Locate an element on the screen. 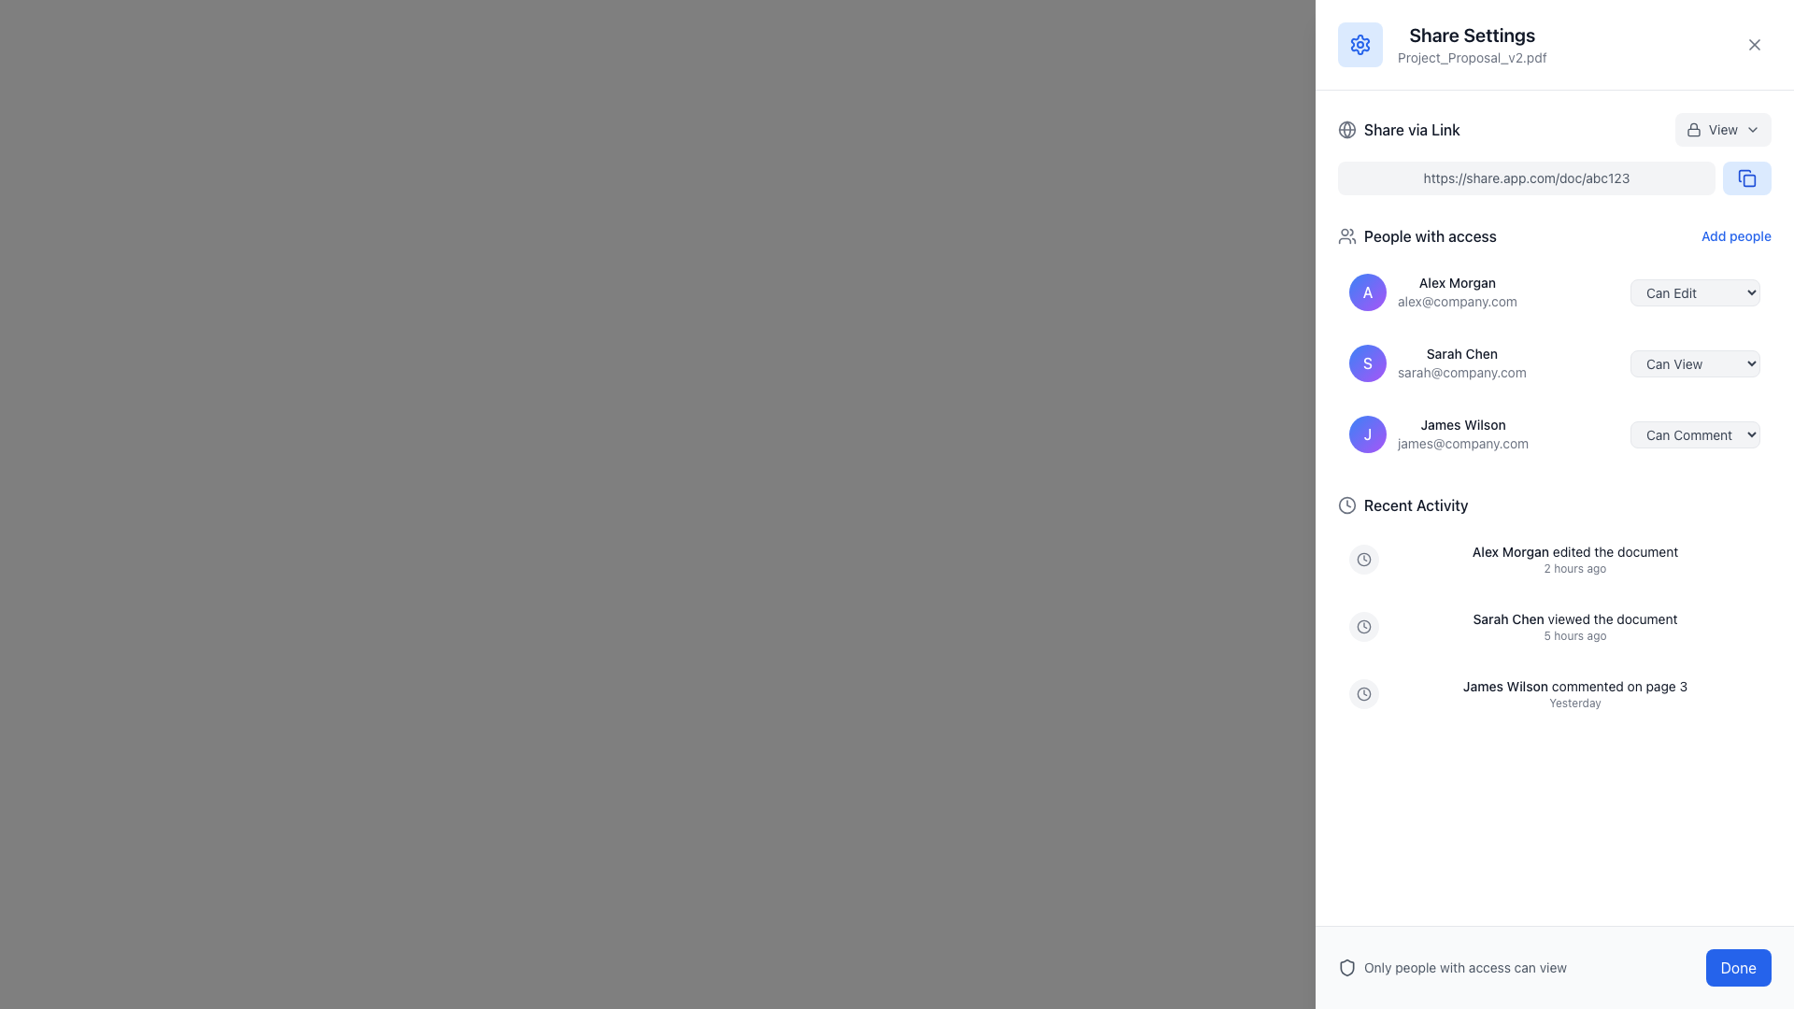 This screenshot has width=1794, height=1009. text label 'Only people with access can view,' located in the horizontal layout at the bottom-right corner of the interface is located at coordinates (1555, 967).